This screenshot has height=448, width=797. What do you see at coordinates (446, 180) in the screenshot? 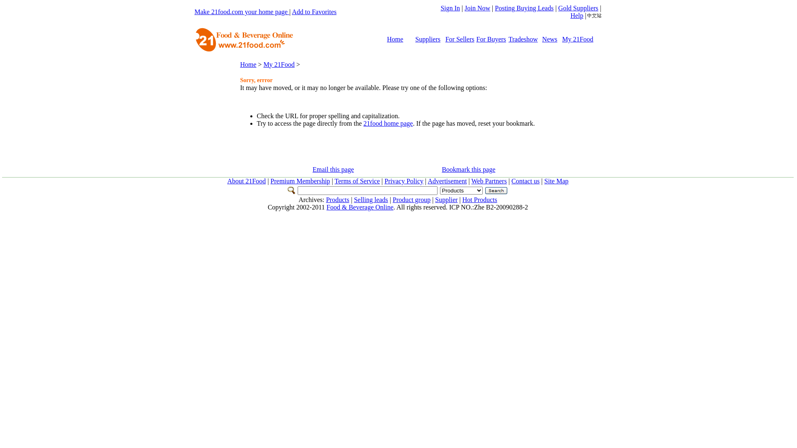
I see `'Advertisement'` at bounding box center [446, 180].